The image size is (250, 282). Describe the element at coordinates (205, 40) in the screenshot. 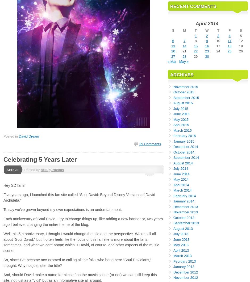

I see `'9'` at that location.